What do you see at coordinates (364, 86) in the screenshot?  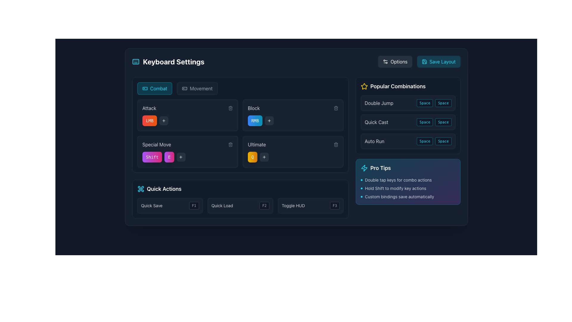 I see `the outlined star icon, which is a five-pointed star outlined in yellow, located near the top-right corner of the interface adjacent to the 'Popular Combinations' header` at bounding box center [364, 86].